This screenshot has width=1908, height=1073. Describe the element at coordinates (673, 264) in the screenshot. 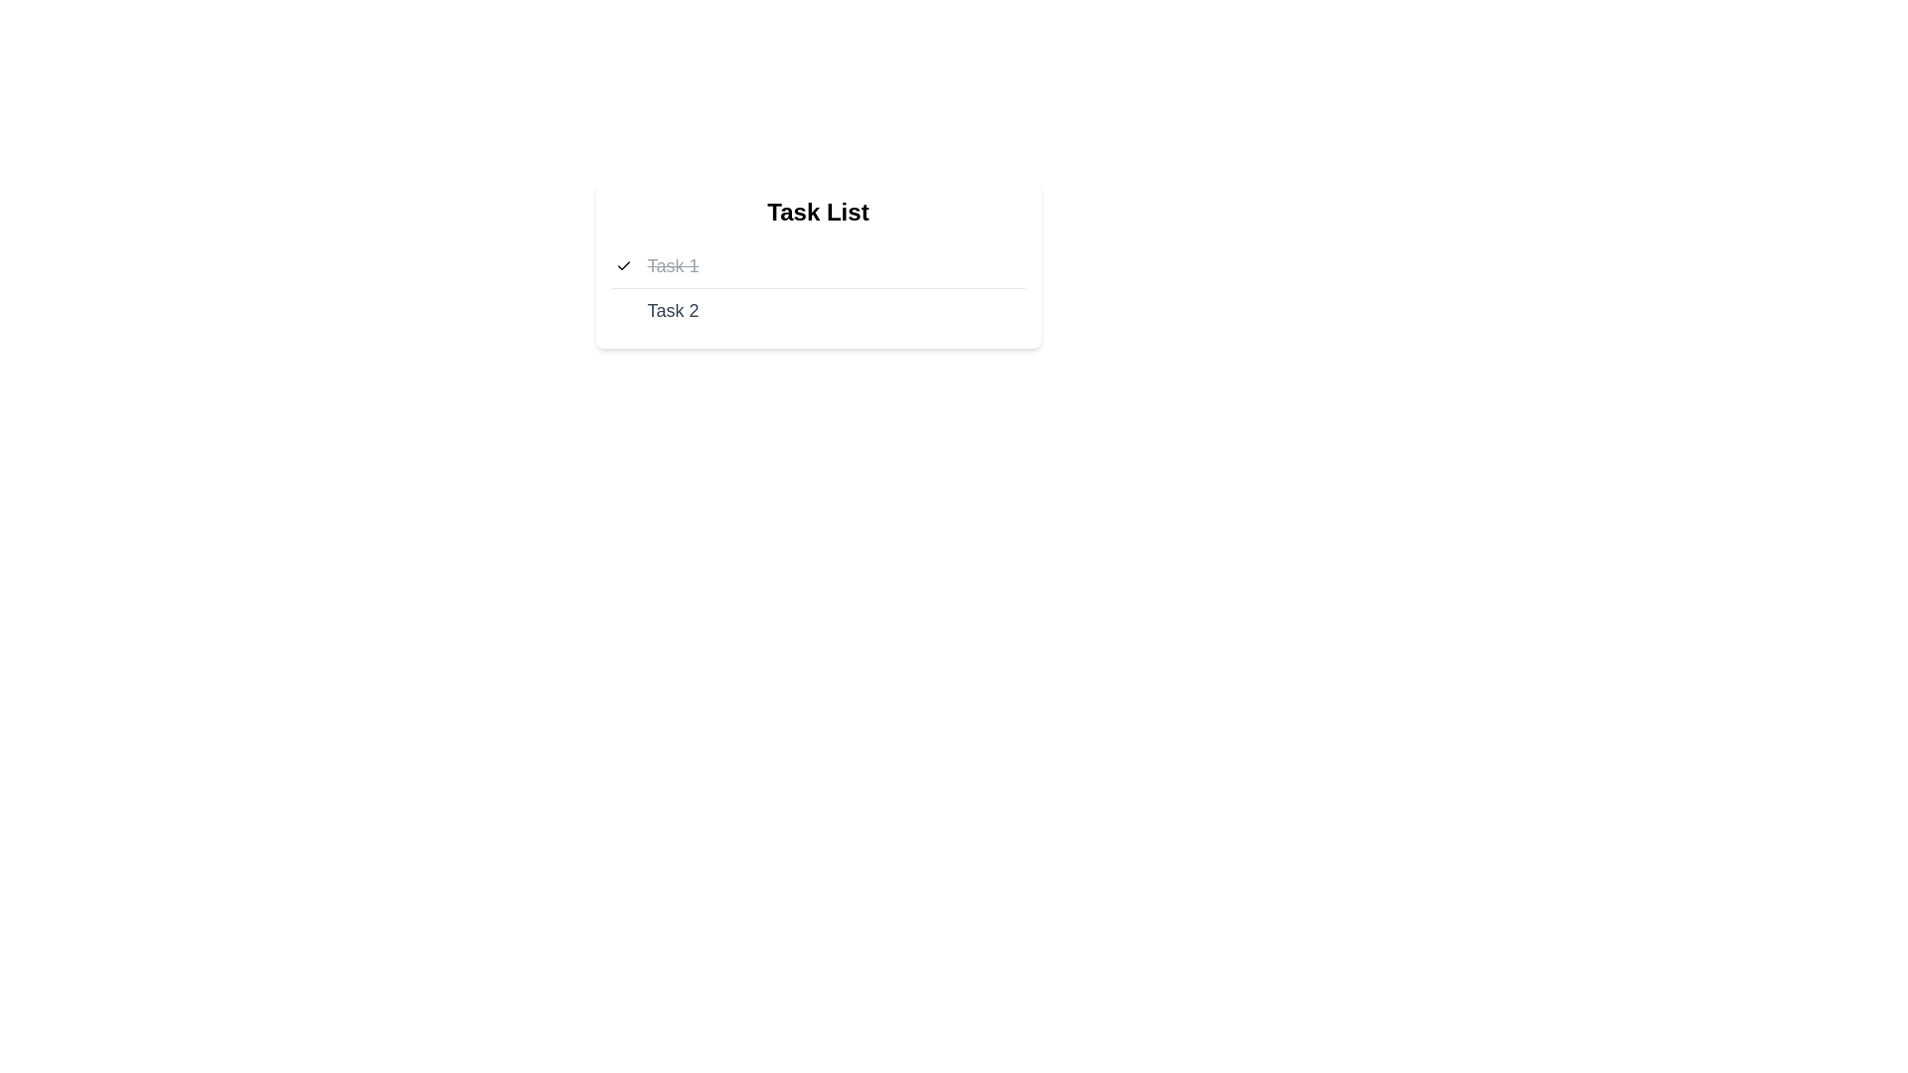

I see `the static text component that has a strikethrough styling, indicating a completed task in the task list` at that location.